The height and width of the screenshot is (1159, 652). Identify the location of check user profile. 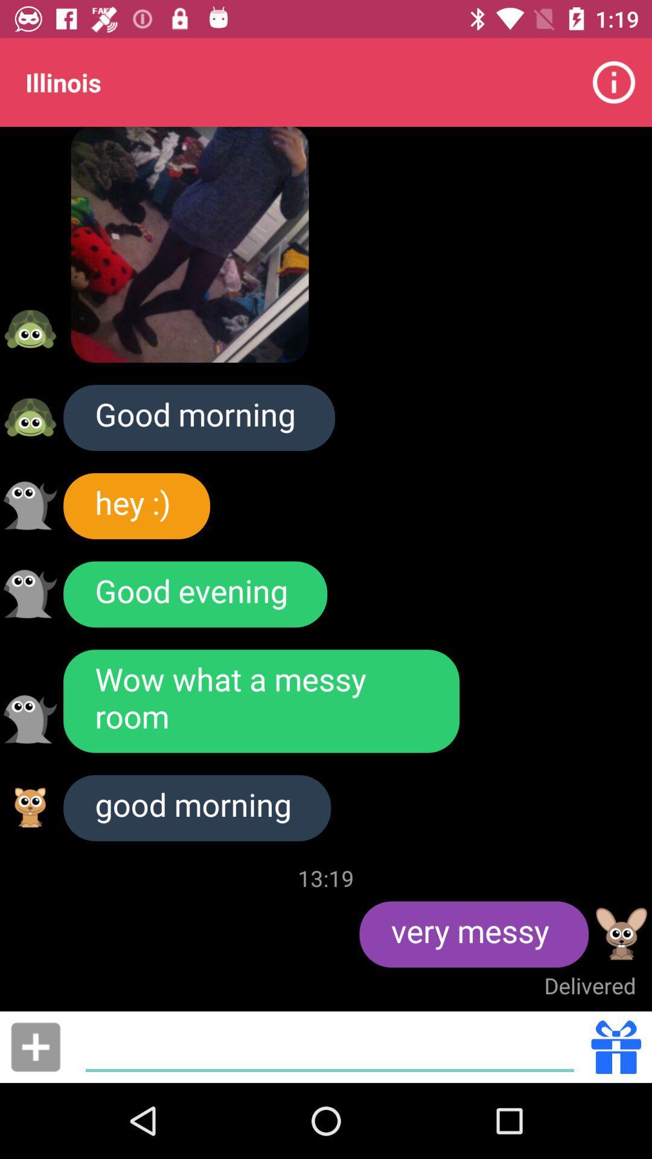
(621, 933).